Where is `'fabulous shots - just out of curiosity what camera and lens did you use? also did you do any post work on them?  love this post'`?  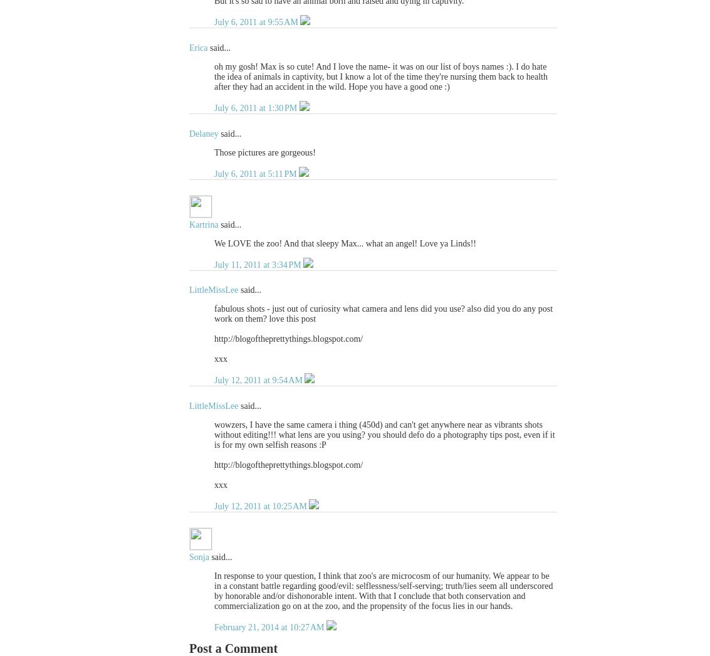
'fabulous shots - just out of curiosity what camera and lens did you use? also did you do any post work on them?  love this post' is located at coordinates (383, 314).